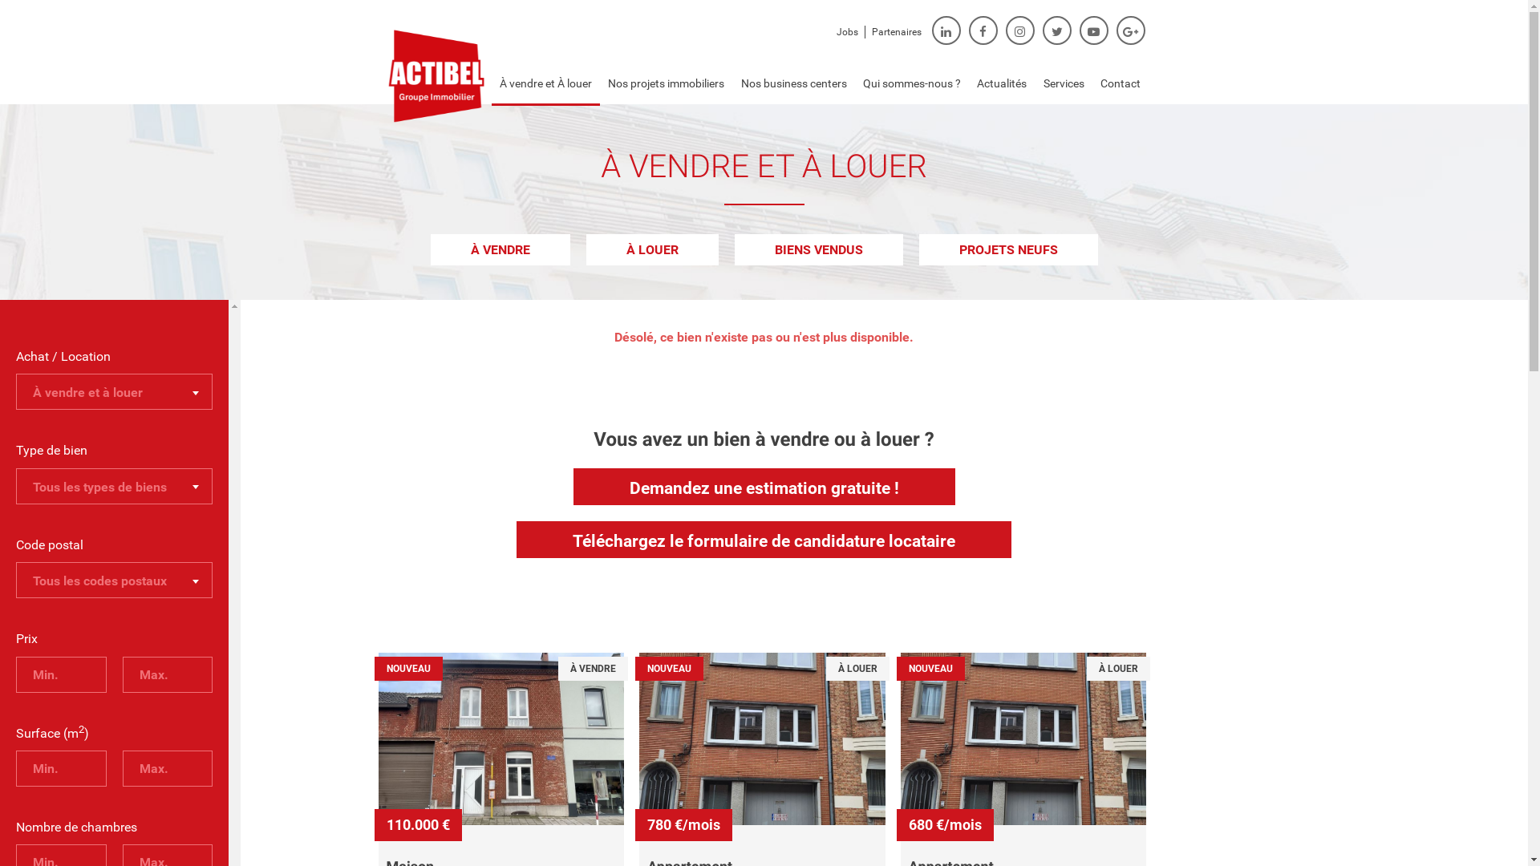  I want to click on 'Facebook', so click(982, 30).